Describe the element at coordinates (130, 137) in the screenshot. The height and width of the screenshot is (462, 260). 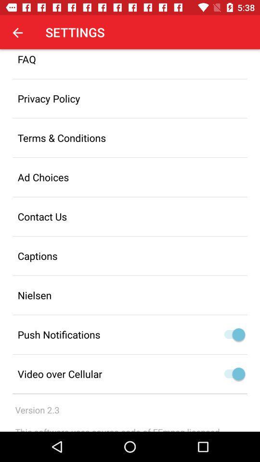
I see `the terms & conditions item` at that location.